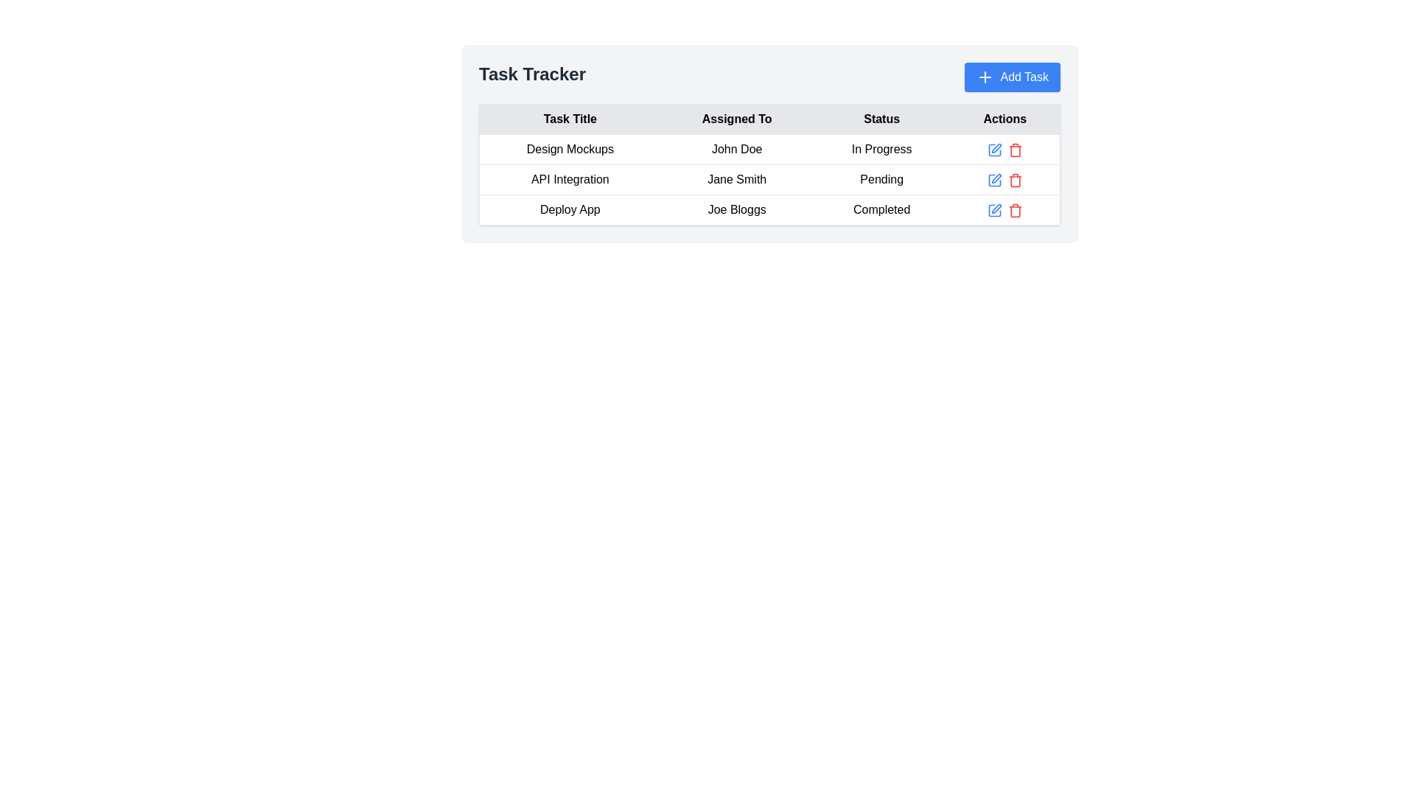  Describe the element at coordinates (881, 150) in the screenshot. I see `the text label displaying the current status of the task titled 'Design Mockups' in the third cell of the table under the 'Status' column` at that location.